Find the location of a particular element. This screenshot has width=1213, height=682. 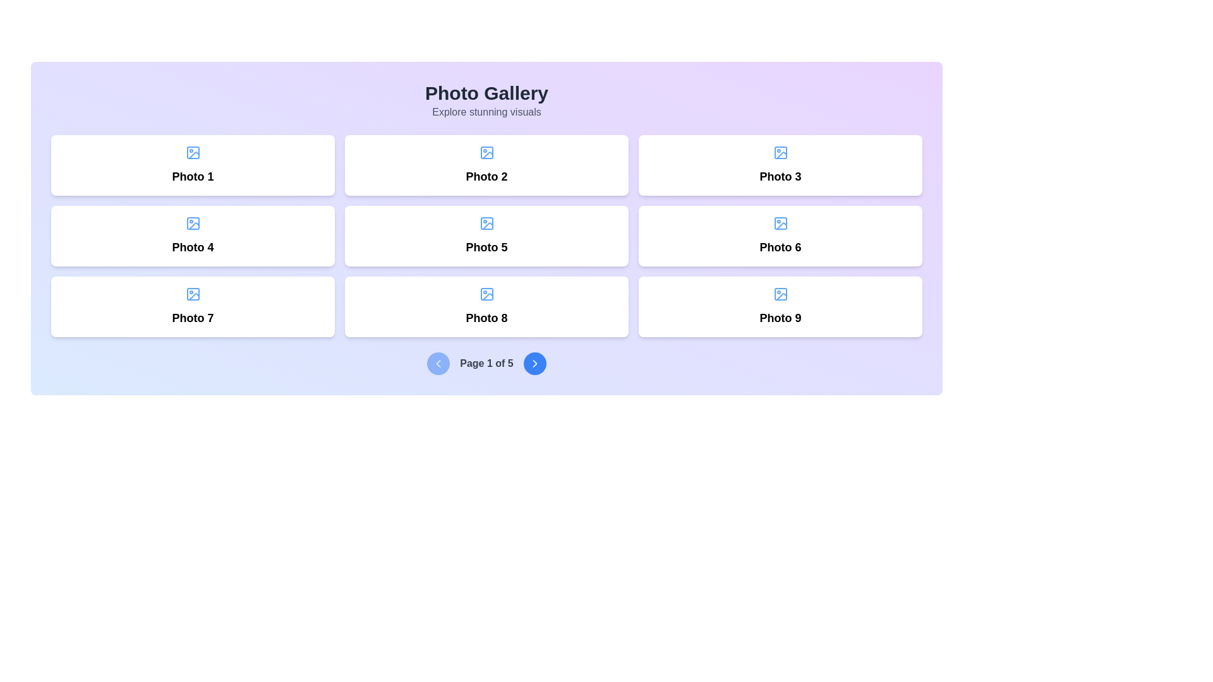

the gallery icon represented by the SVG Rectangle Element in the Photo 8 panel, located in the middle row of the grid layout in the third column is located at coordinates (486, 294).